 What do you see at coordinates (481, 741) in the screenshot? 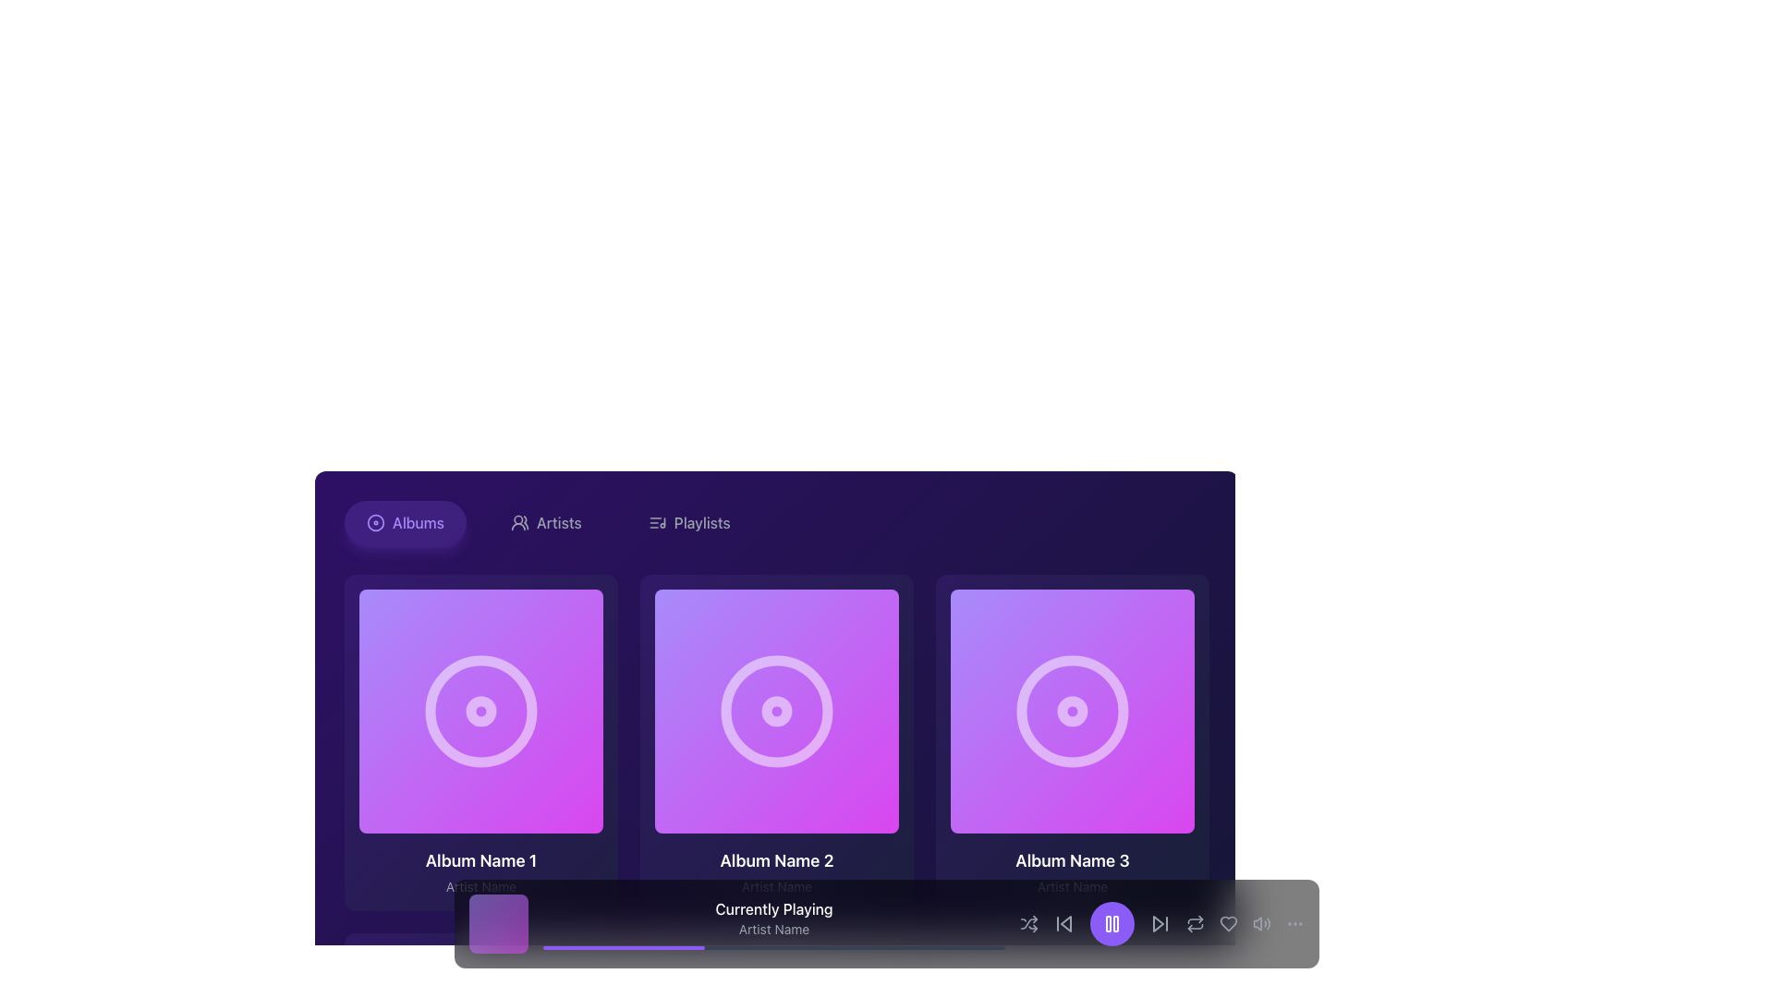
I see `the Album card element, which represents an album in a music directory` at bounding box center [481, 741].